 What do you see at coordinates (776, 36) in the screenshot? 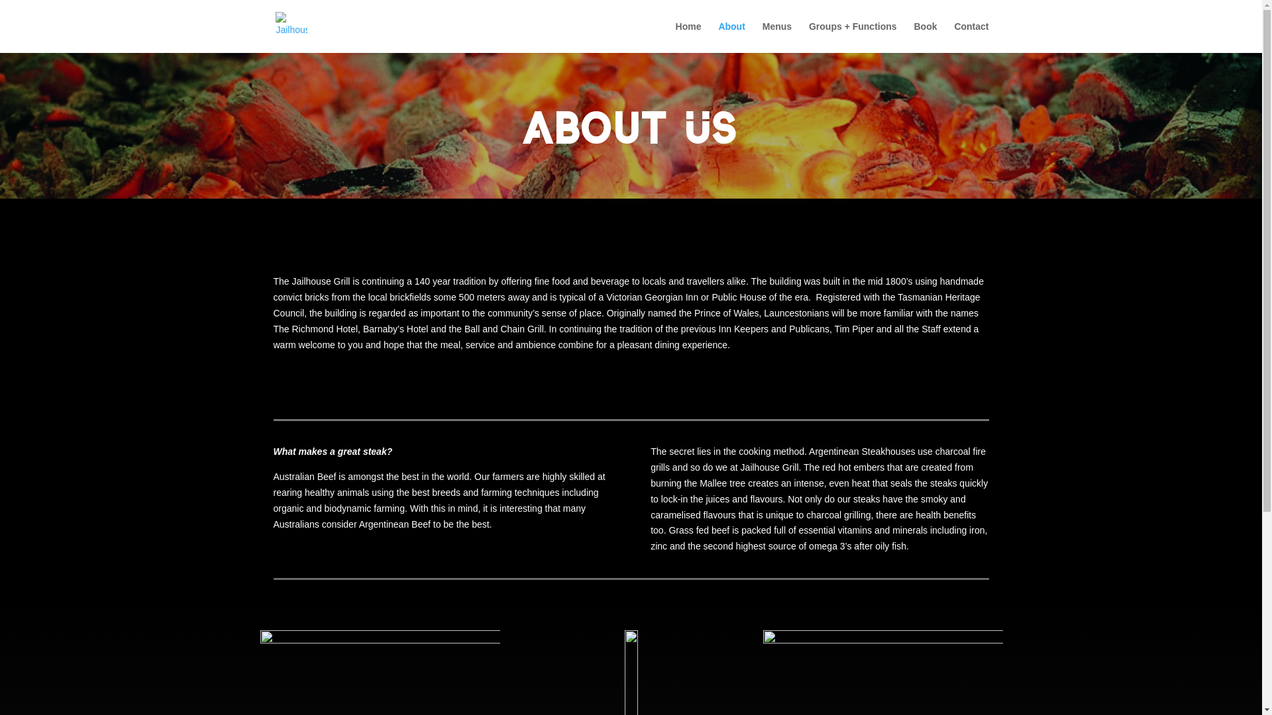
I see `'Menus'` at bounding box center [776, 36].